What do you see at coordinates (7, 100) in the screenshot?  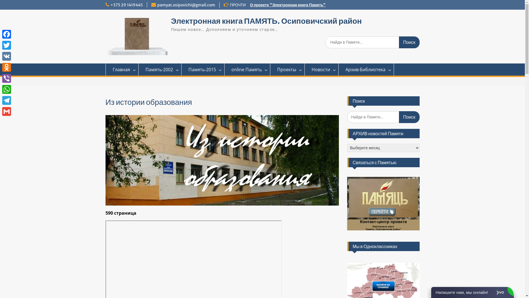 I see `'Telegram'` at bounding box center [7, 100].